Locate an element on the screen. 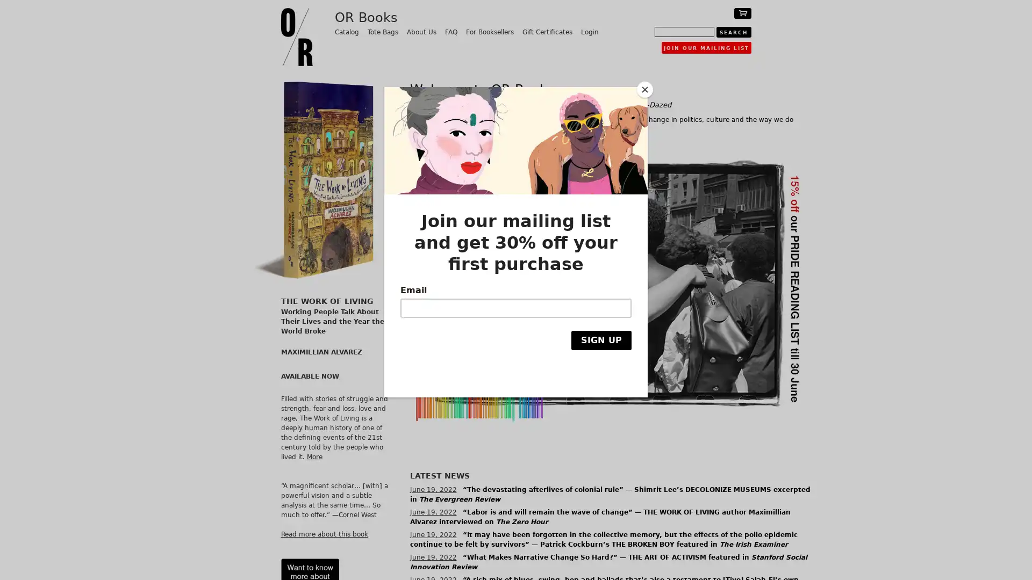  SEARCH is located at coordinates (733, 32).